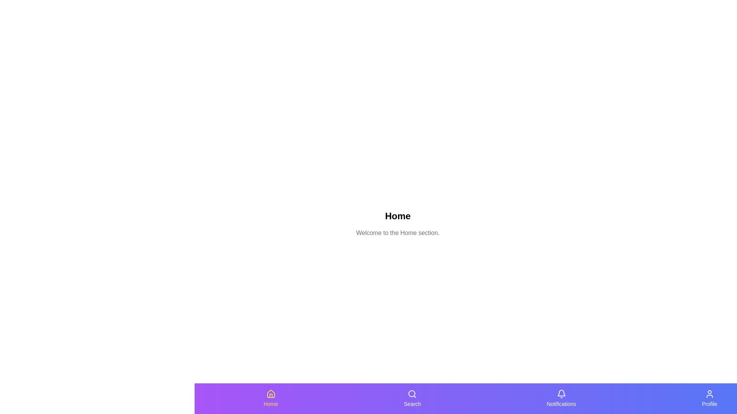  I want to click on text label that serves as a title or header for the section, located above the 'Welcome to the Home section.' text, so click(398, 216).